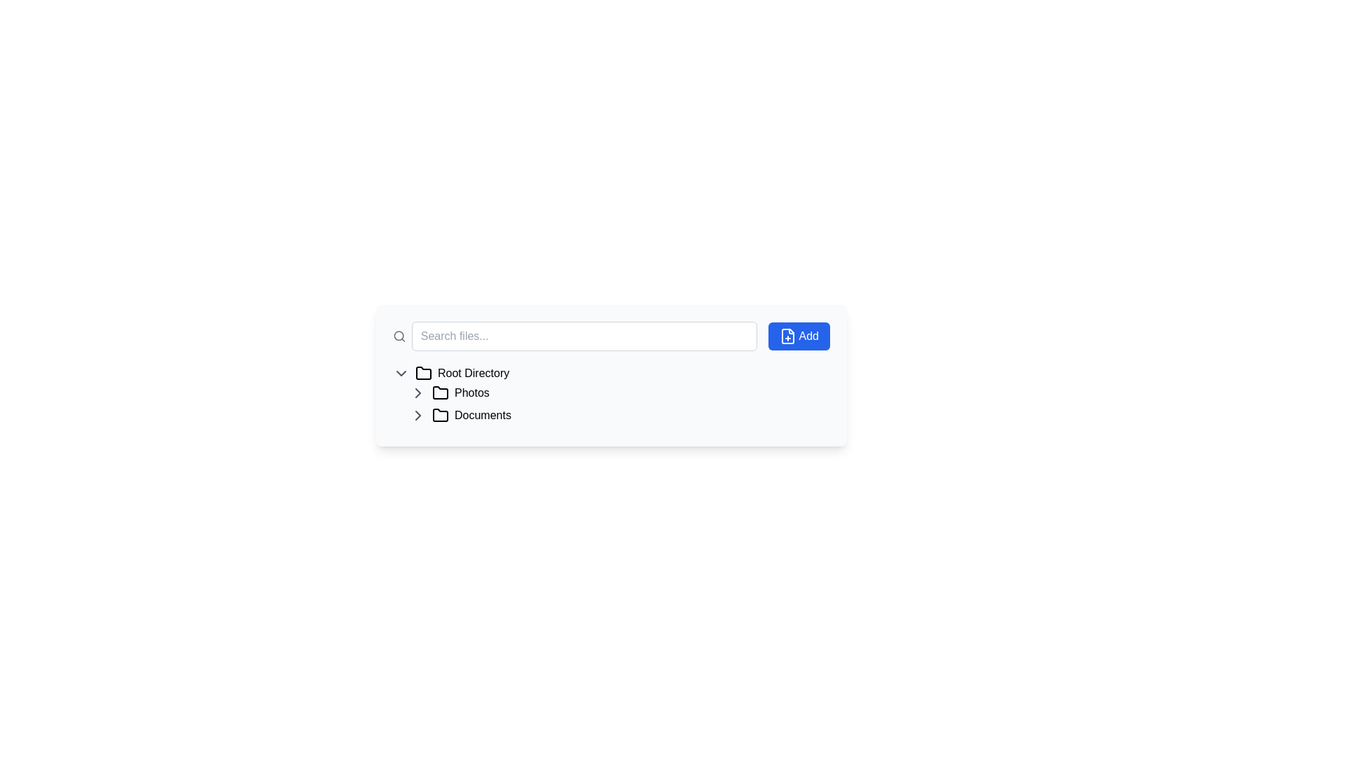  I want to click on the folder icon representing the 'Documents' directory, which is located slightly to the left of the 'Documents' label in a list structure, so click(439, 415).